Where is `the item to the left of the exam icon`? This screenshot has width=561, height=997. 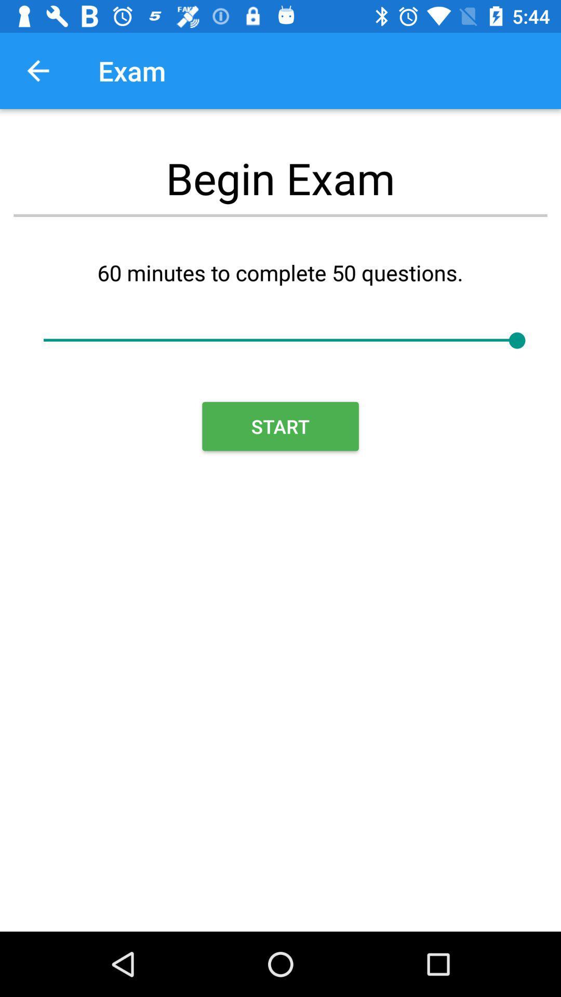
the item to the left of the exam icon is located at coordinates (37, 70).